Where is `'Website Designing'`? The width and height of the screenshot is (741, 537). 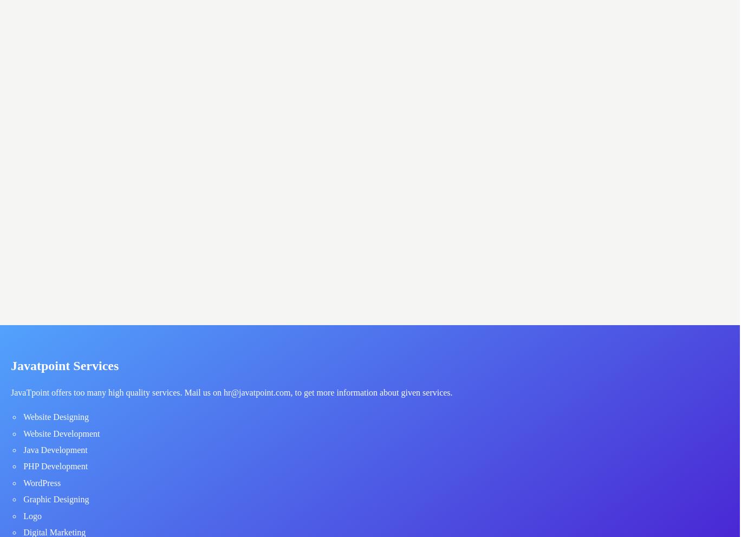
'Website Designing' is located at coordinates (56, 417).